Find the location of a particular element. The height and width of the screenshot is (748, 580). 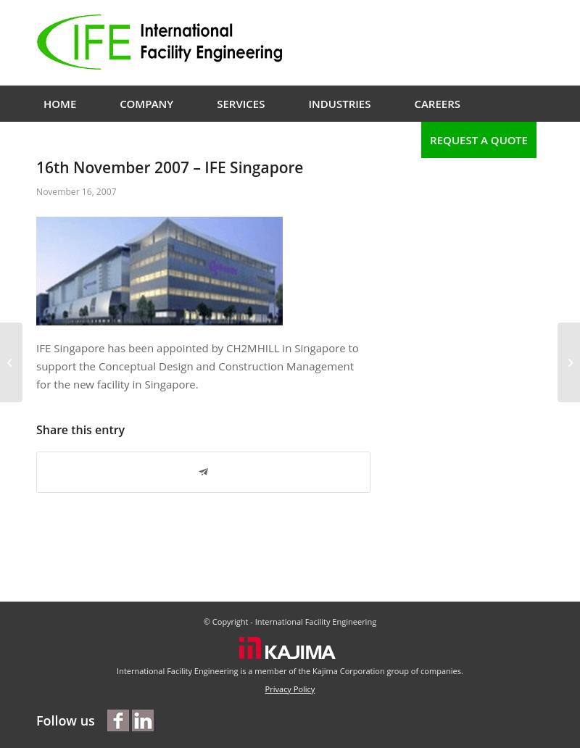

'Services' is located at coordinates (240, 103).